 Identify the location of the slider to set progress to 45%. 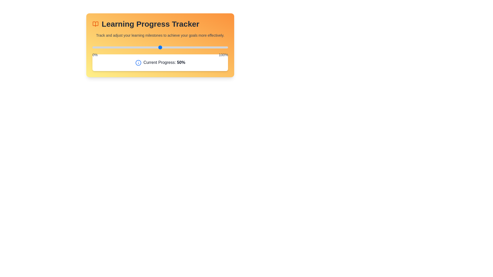
(153, 47).